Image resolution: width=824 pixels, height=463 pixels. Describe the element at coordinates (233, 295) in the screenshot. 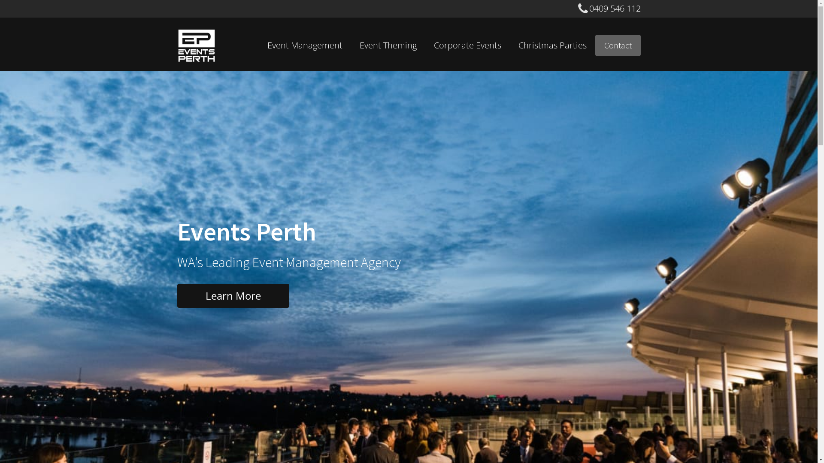

I see `'Learn More'` at that location.